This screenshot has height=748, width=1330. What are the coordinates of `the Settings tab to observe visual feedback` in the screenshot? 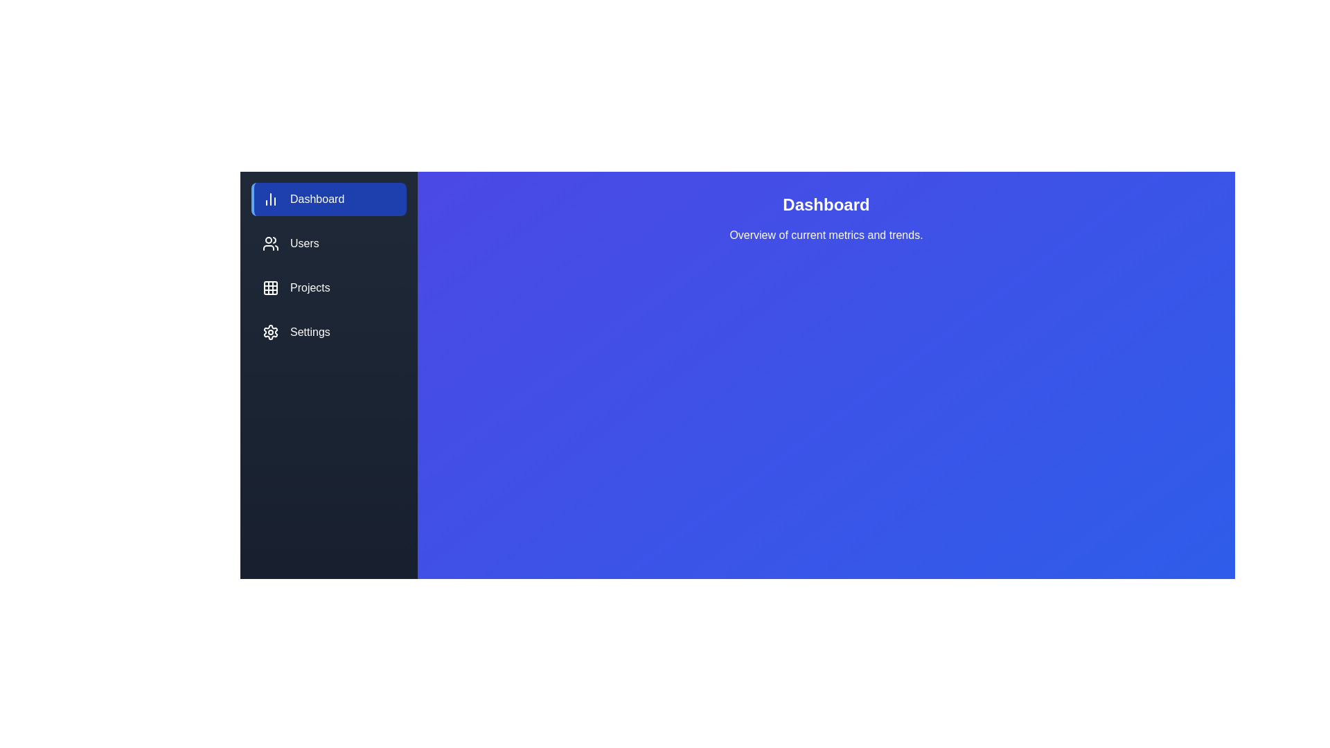 It's located at (328, 332).